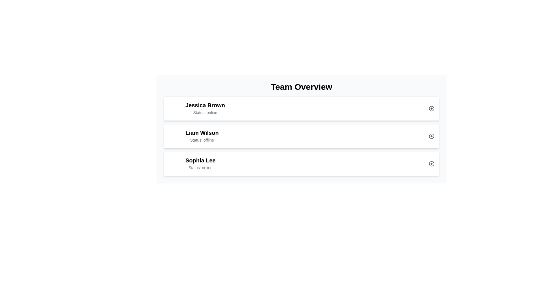 The image size is (542, 304). What do you see at coordinates (301, 164) in the screenshot?
I see `the third user information card in the vertical list` at bounding box center [301, 164].